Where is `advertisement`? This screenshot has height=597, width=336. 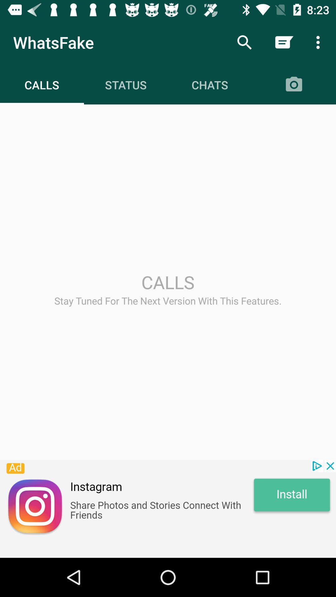
advertisement is located at coordinates (168, 509).